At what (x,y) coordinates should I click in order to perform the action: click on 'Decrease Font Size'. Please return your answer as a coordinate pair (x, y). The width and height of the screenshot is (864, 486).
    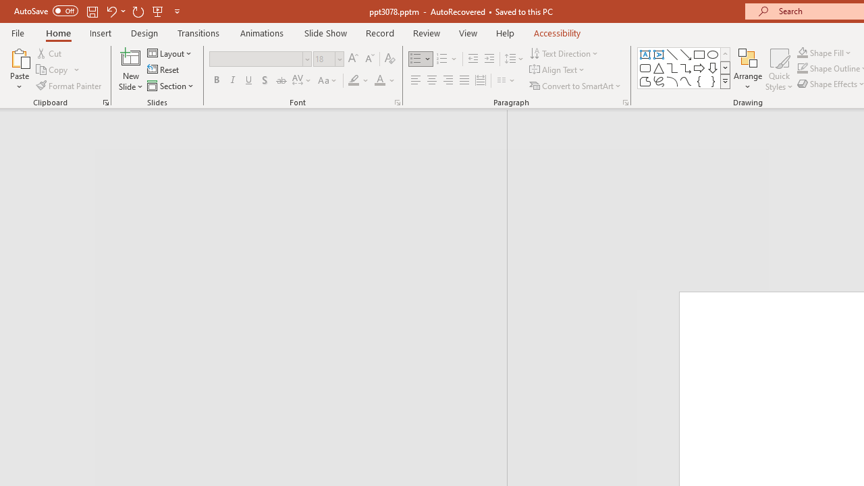
    Looking at the image, I should click on (369, 58).